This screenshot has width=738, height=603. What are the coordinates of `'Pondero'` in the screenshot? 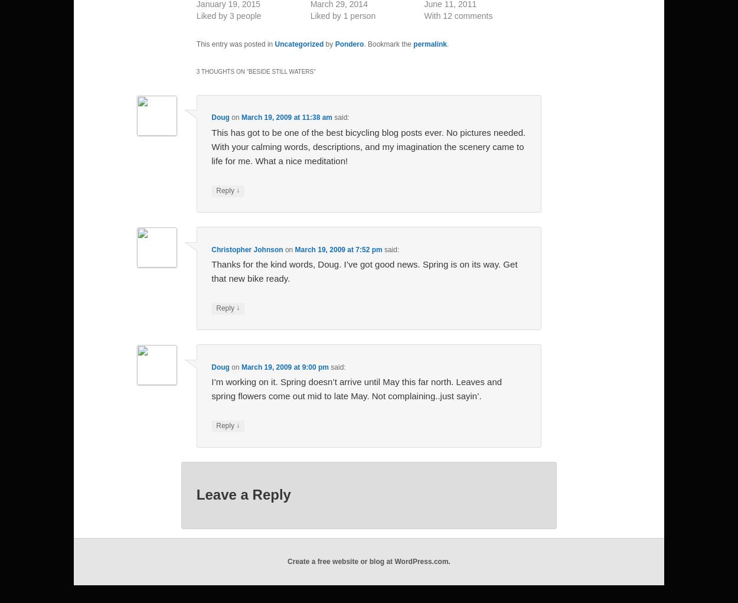 It's located at (334, 44).